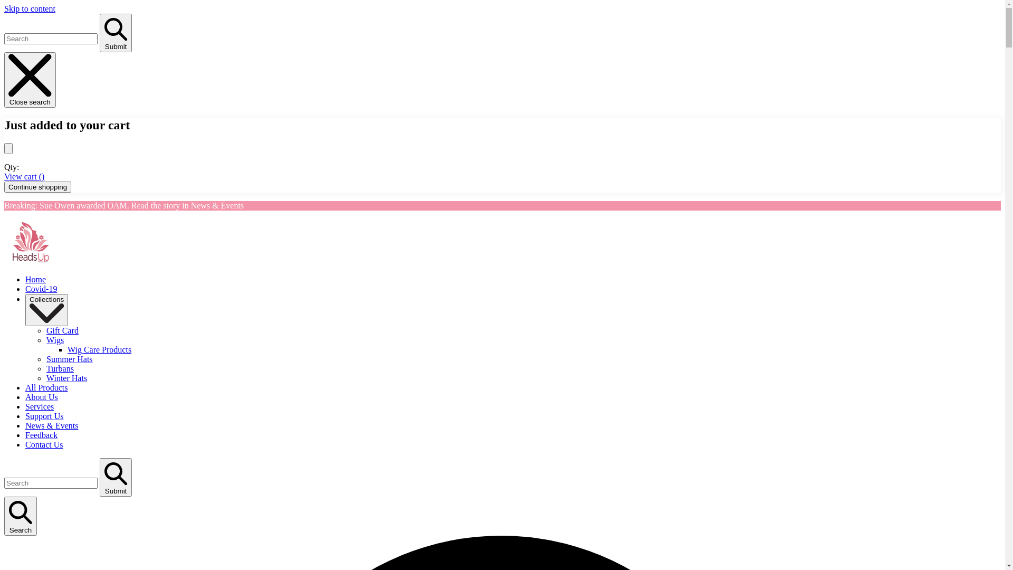 This screenshot has height=570, width=1013. What do you see at coordinates (4, 176) in the screenshot?
I see `'View cart ()'` at bounding box center [4, 176].